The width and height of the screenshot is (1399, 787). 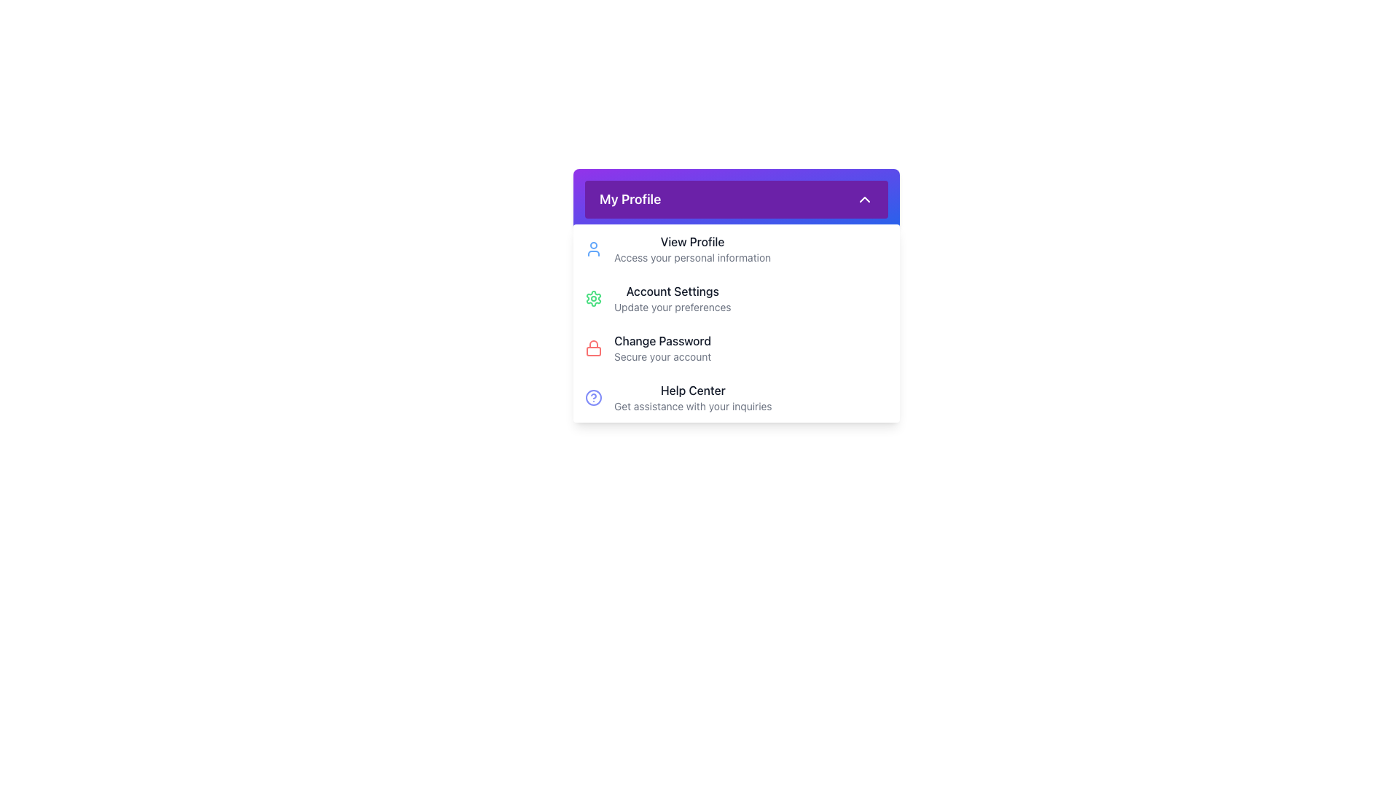 I want to click on the red lock icon, which is a minimalist SVG graphic located to the left of the 'Change Password Secure your account' text in the dropdown panel, so click(x=594, y=348).